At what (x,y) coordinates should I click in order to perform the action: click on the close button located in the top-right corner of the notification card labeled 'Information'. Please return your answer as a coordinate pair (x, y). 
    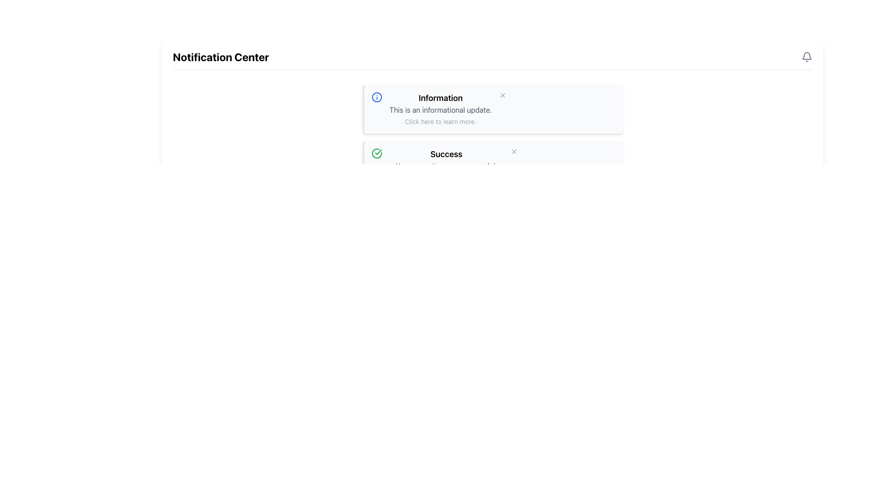
    Looking at the image, I should click on (502, 96).